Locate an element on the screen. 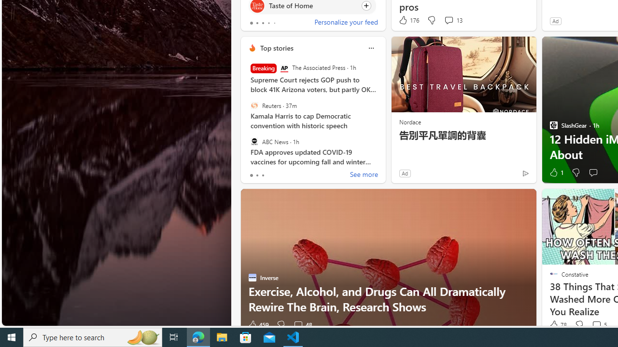 The height and width of the screenshot is (347, 618). 'Top stories' is located at coordinates (276, 48).